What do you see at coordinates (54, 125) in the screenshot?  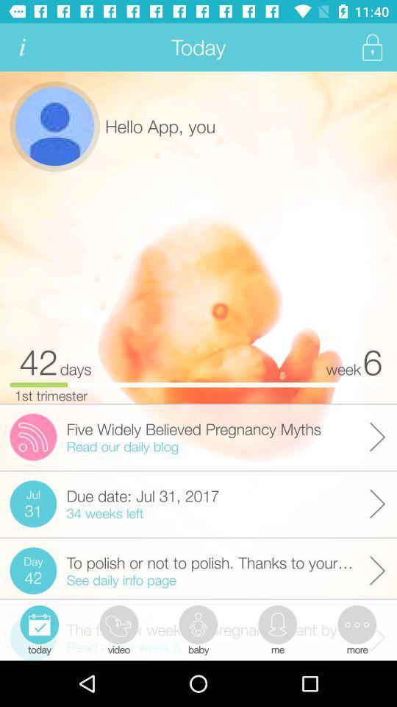 I see `the avatar icon` at bounding box center [54, 125].